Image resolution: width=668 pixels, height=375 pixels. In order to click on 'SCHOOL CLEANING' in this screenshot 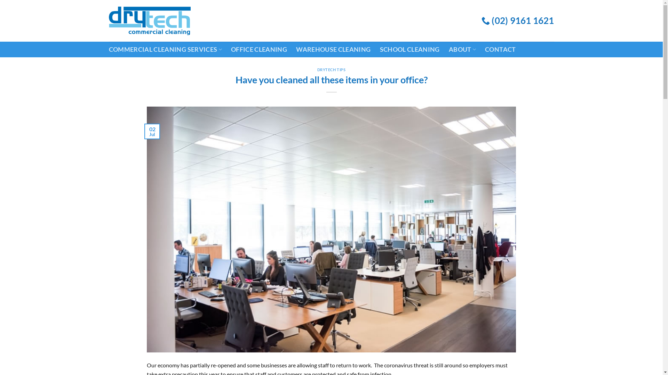, I will do `click(409, 49)`.